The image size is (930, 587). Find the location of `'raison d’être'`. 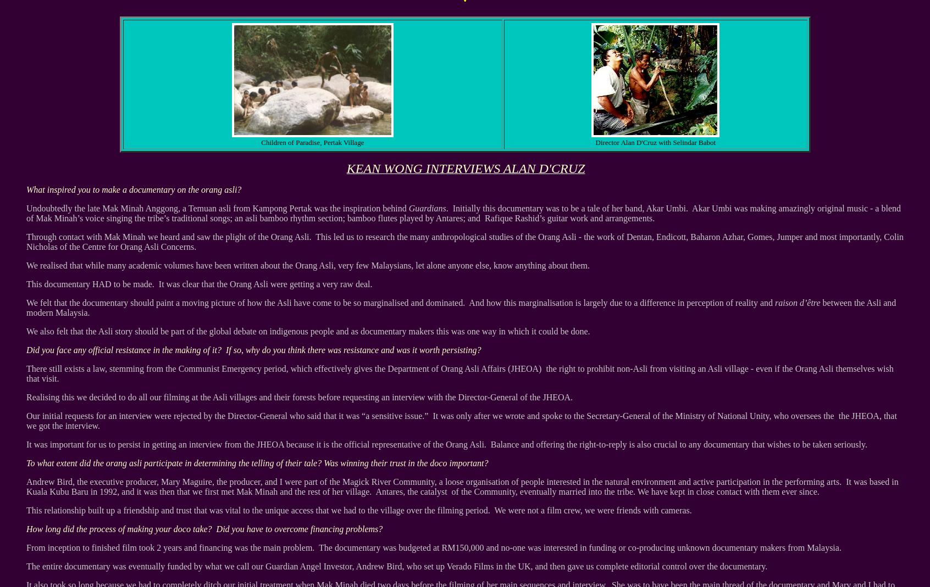

'raison d’être' is located at coordinates (798, 303).